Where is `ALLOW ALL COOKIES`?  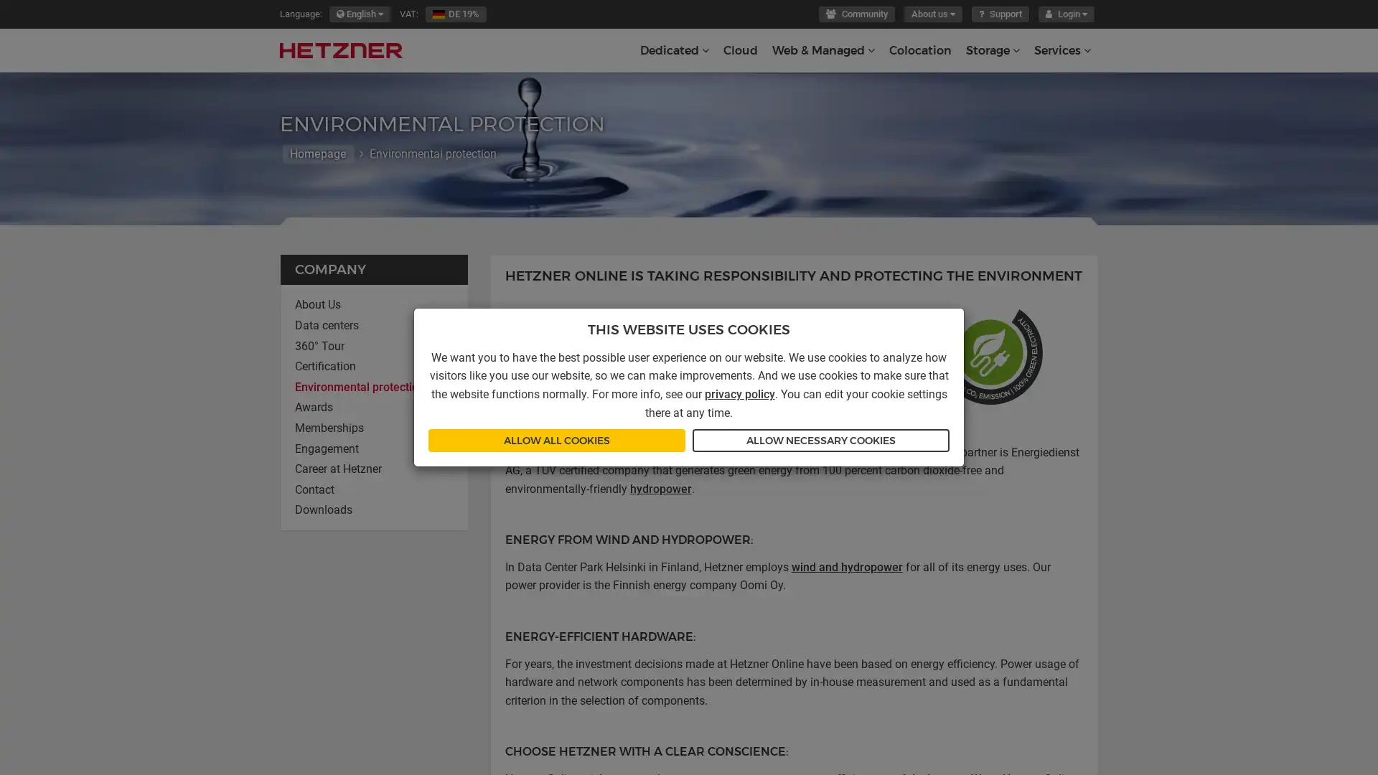 ALLOW ALL COOKIES is located at coordinates (556, 439).